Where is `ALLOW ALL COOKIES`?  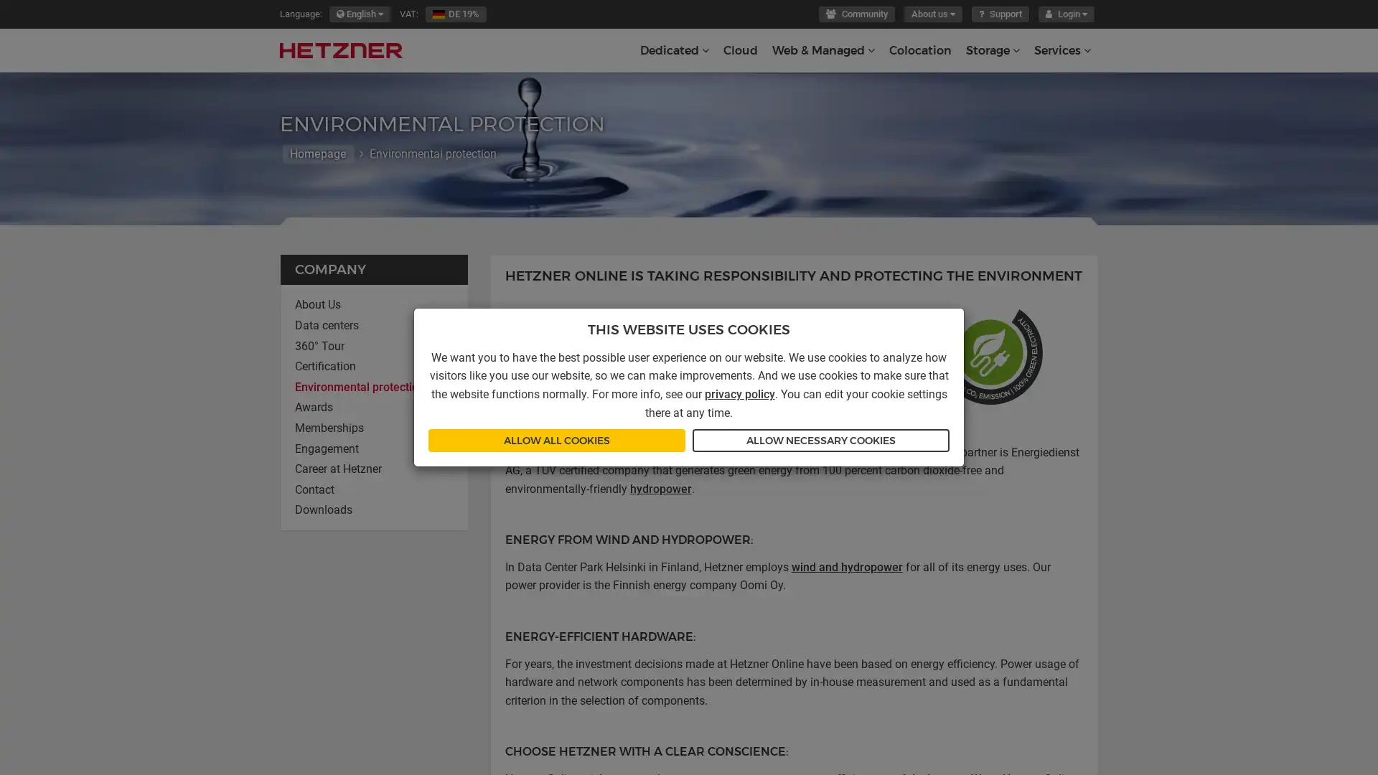 ALLOW ALL COOKIES is located at coordinates (556, 439).